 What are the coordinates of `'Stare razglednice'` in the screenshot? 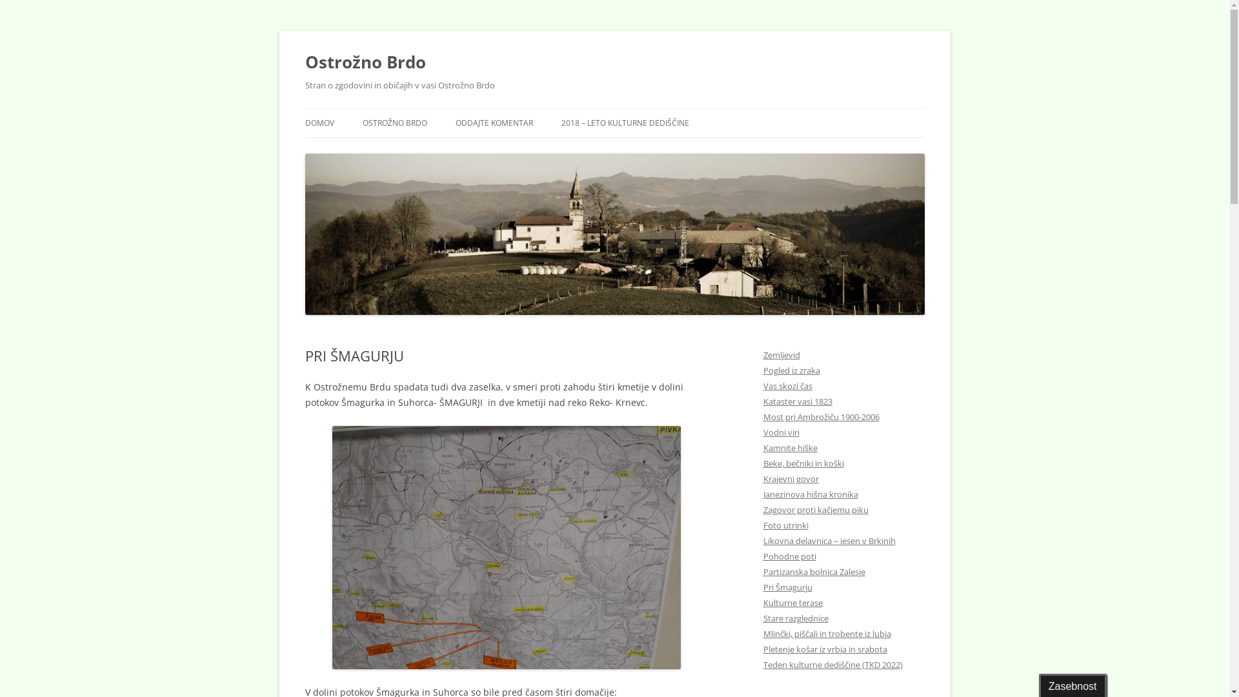 It's located at (794, 617).